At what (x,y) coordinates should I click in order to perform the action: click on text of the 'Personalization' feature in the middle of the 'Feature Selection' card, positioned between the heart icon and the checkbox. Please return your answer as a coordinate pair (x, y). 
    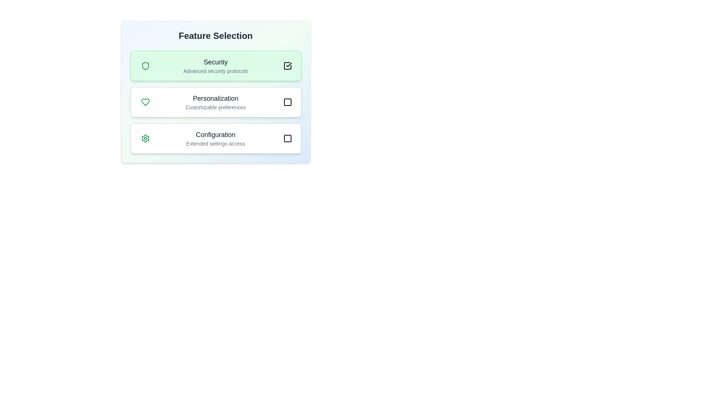
    Looking at the image, I should click on (215, 102).